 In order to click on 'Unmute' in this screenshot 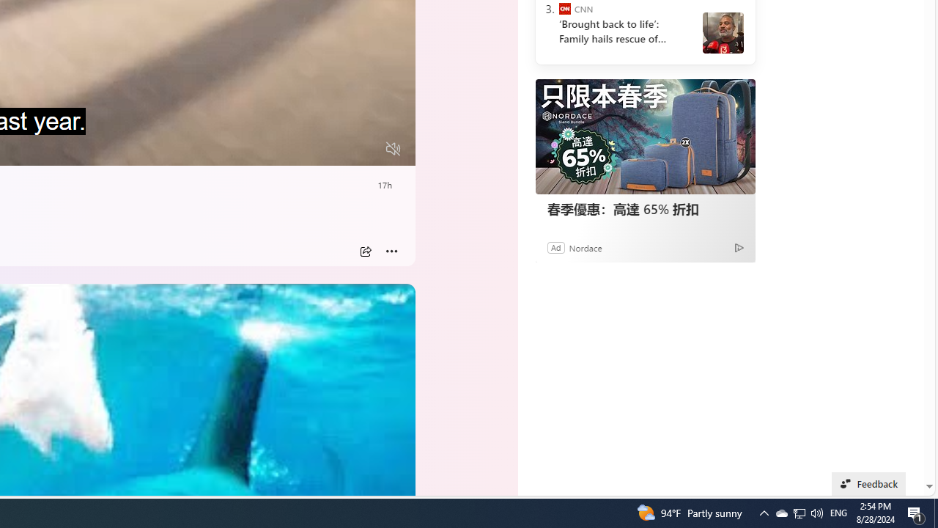, I will do `click(393, 149)`.